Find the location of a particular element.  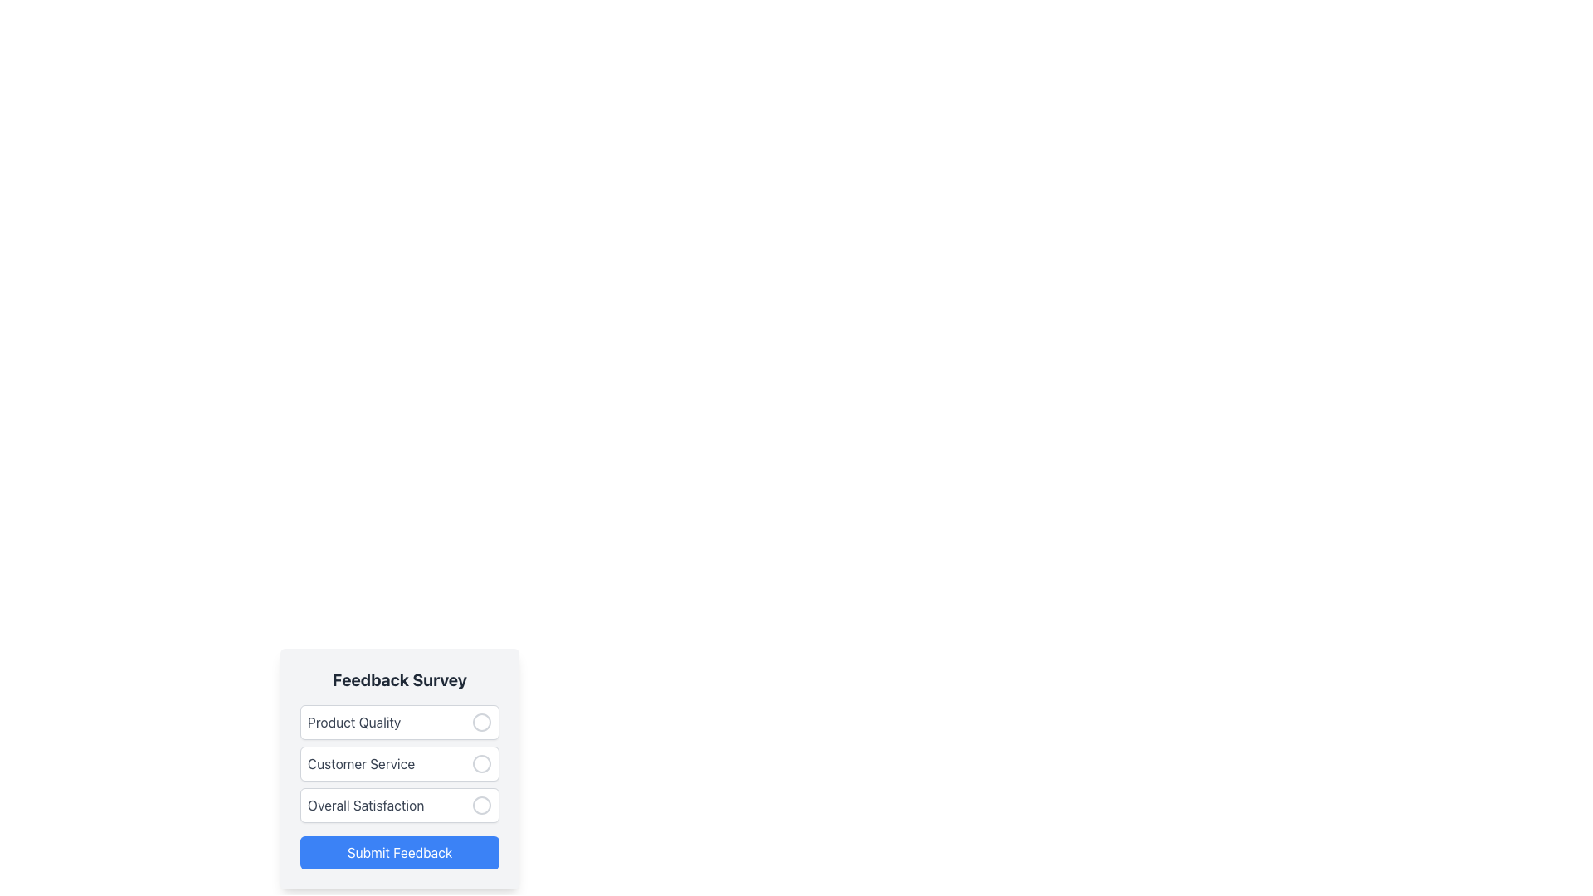

the second circular radio button is located at coordinates (480, 764).